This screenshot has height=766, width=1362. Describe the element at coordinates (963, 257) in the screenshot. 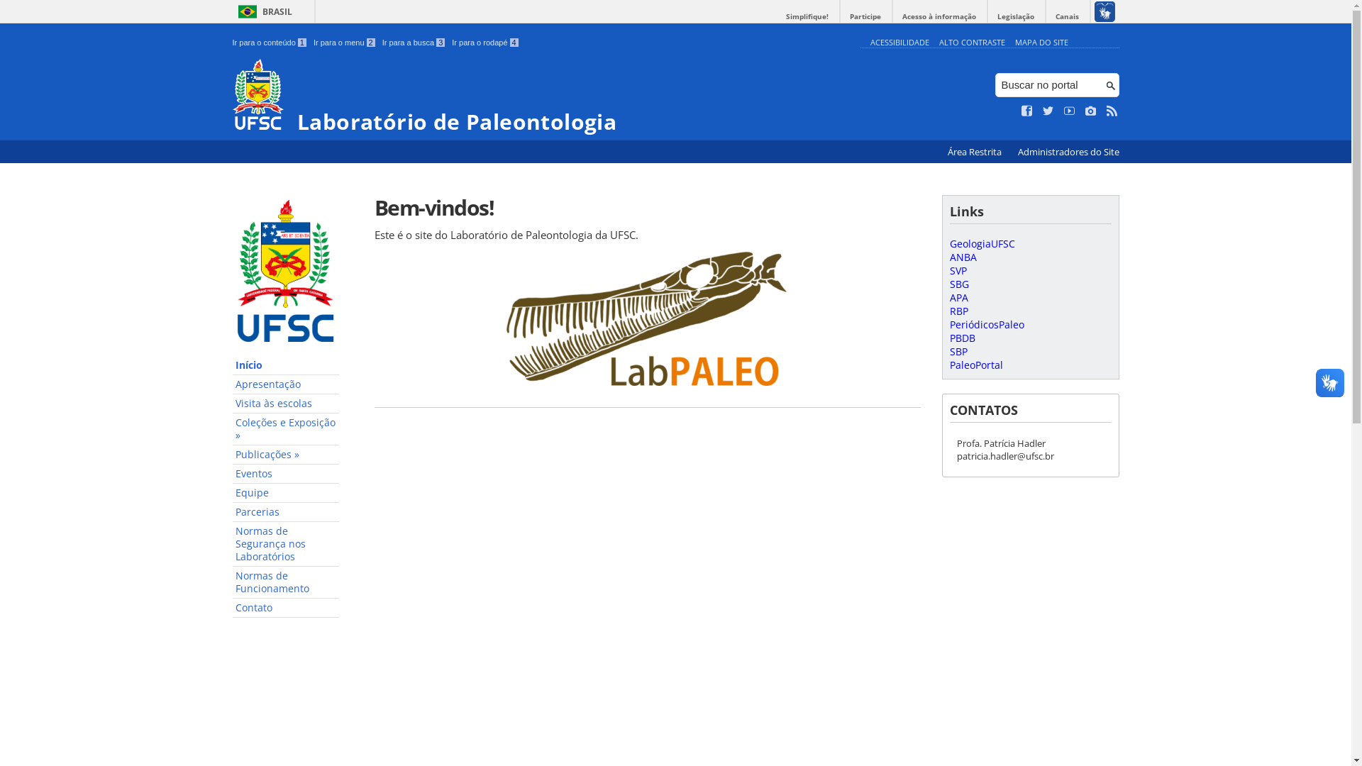

I see `'ANBA'` at that location.